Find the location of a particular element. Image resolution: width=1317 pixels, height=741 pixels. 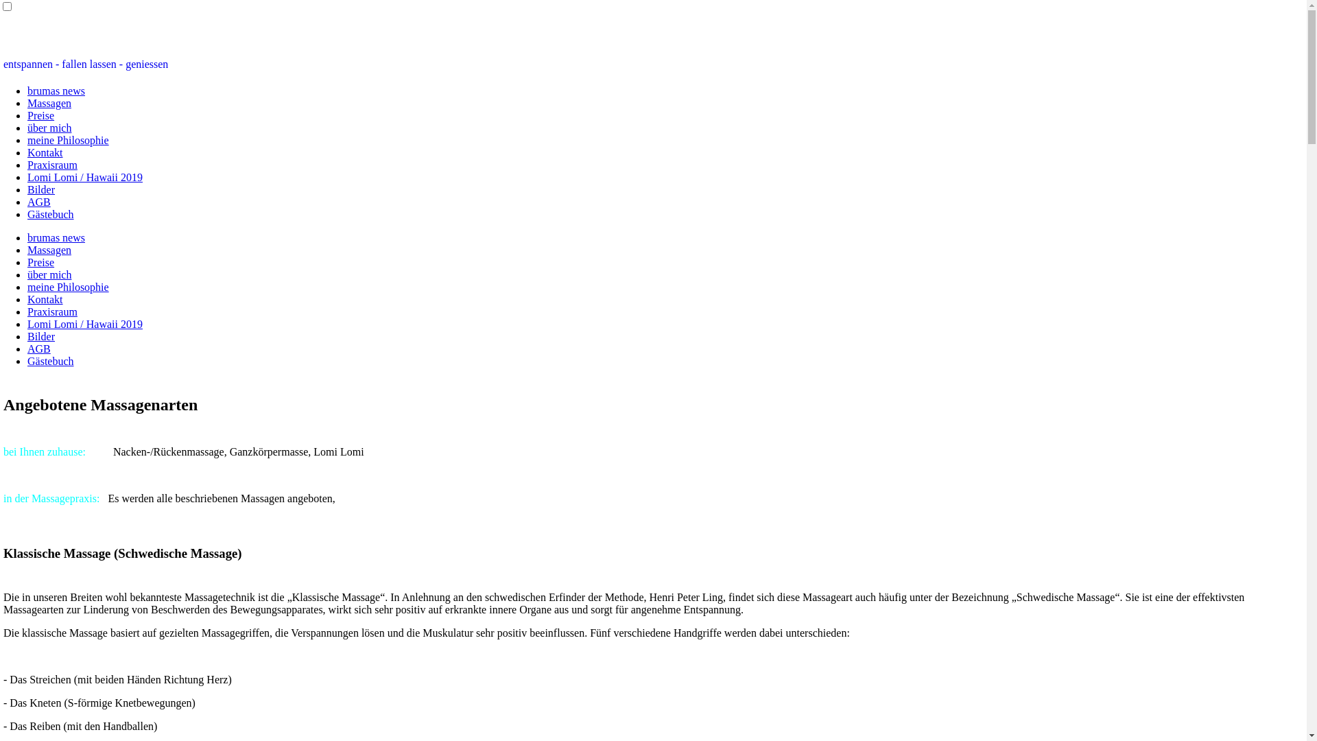

'brumas news' is located at coordinates (27, 237).